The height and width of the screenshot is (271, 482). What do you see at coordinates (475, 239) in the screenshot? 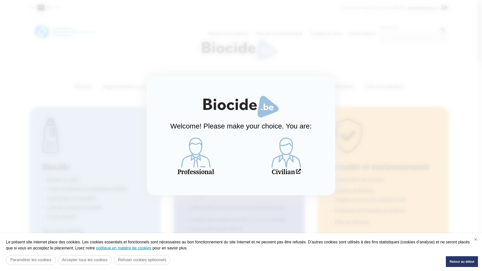
I see `'Fermer'` at bounding box center [475, 239].